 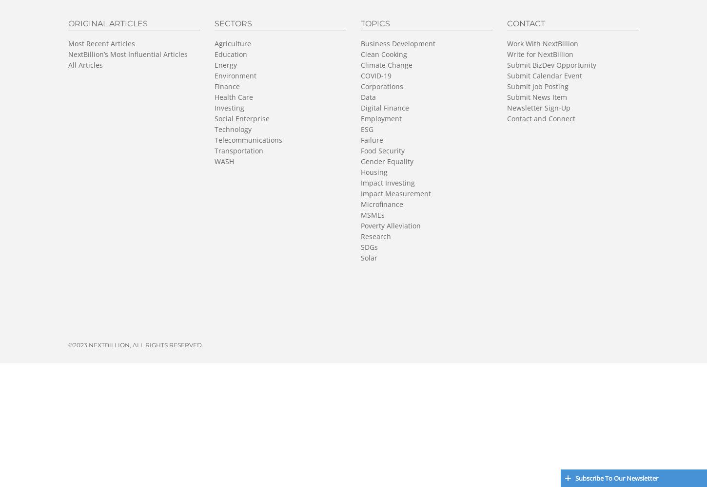 I want to click on 'Topics', so click(x=375, y=23).